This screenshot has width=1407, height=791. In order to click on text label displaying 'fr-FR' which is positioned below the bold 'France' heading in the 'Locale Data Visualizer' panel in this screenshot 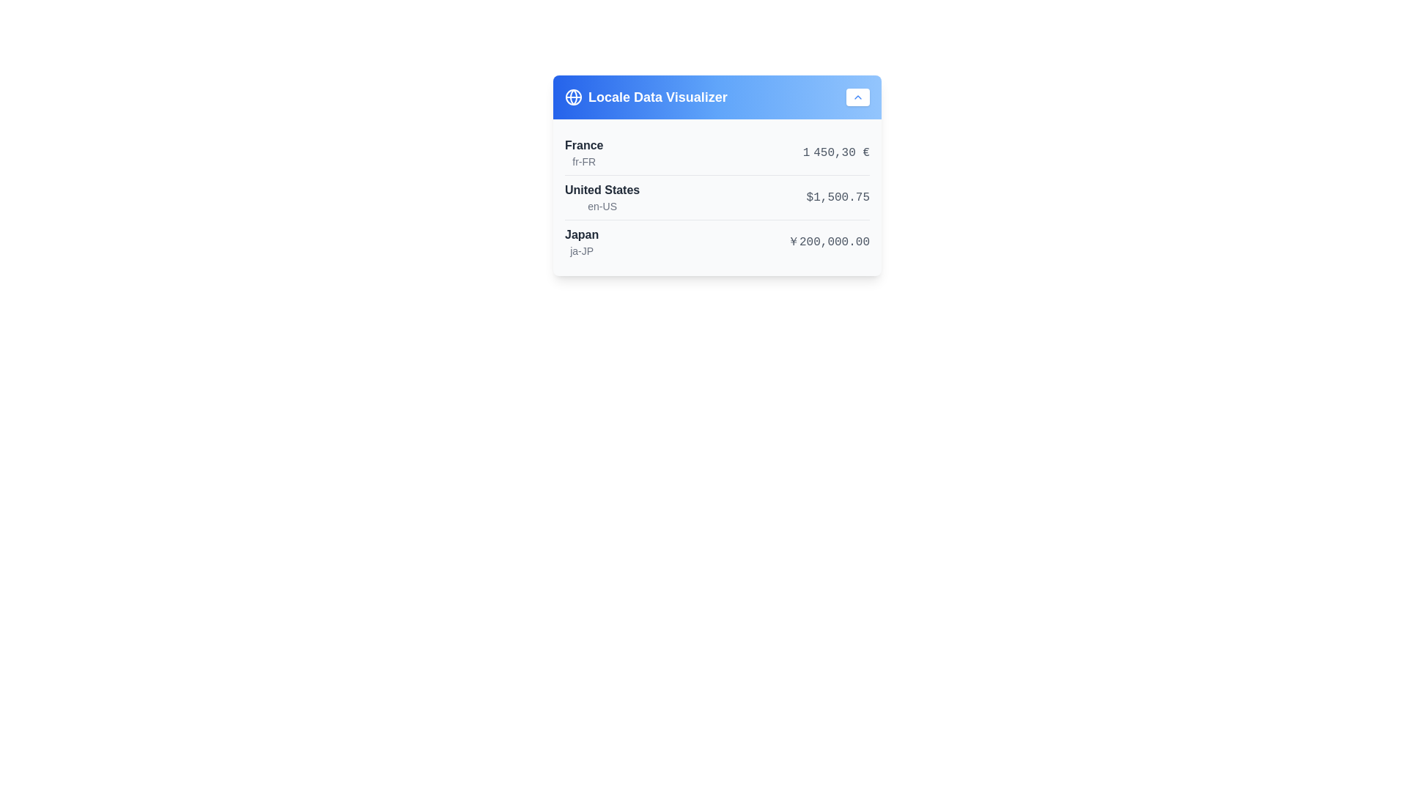, I will do `click(583, 161)`.